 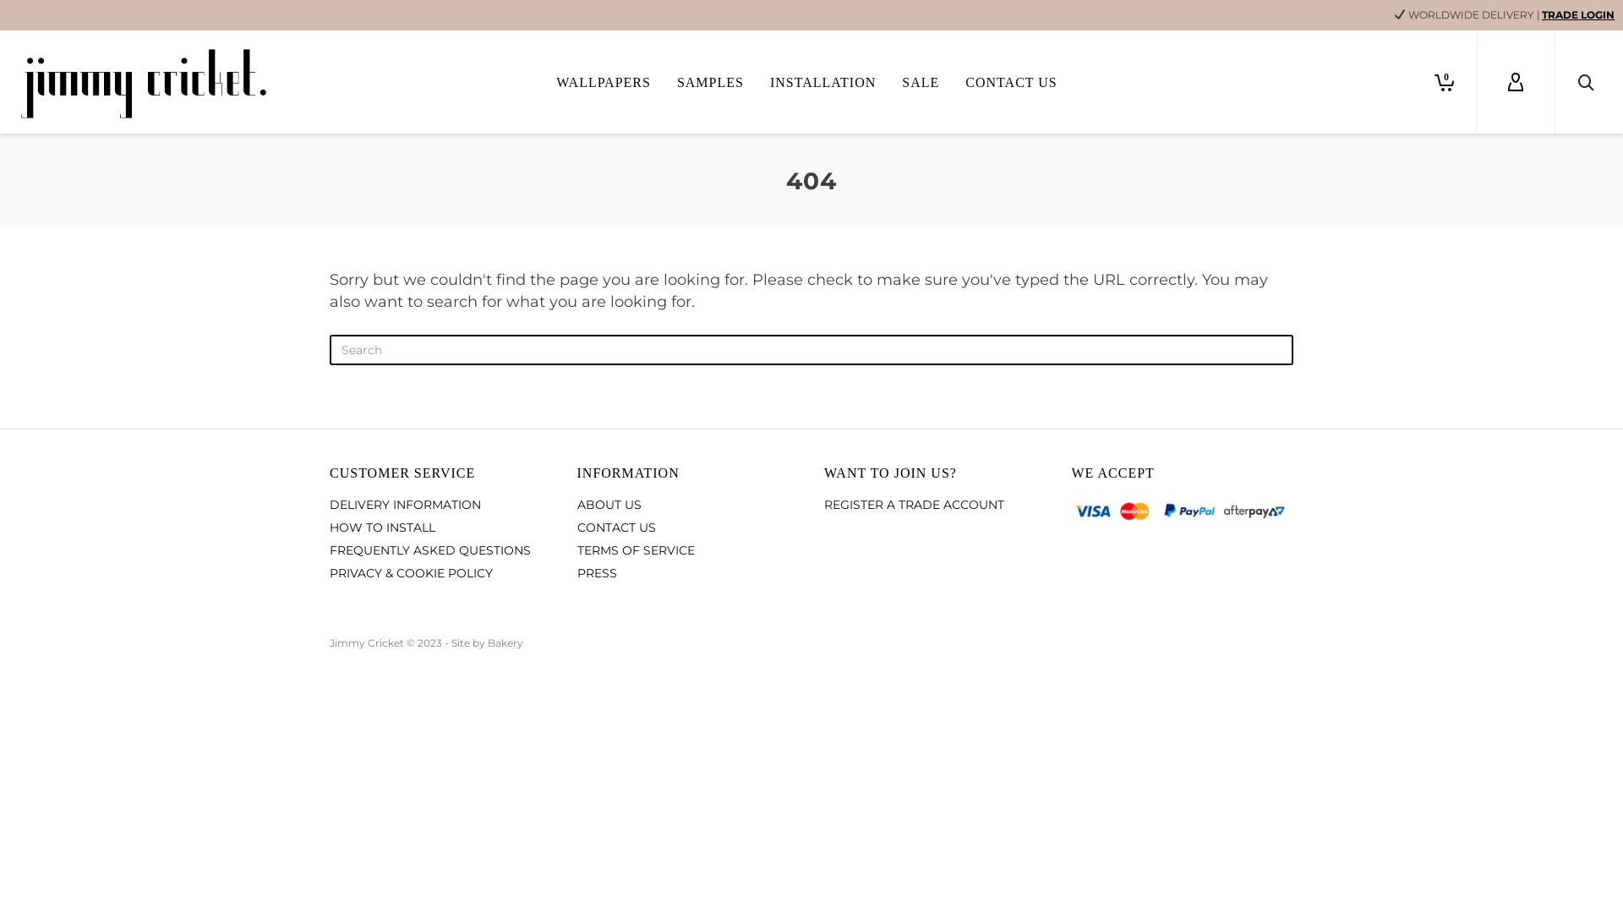 I want to click on '0', so click(x=1424, y=82).